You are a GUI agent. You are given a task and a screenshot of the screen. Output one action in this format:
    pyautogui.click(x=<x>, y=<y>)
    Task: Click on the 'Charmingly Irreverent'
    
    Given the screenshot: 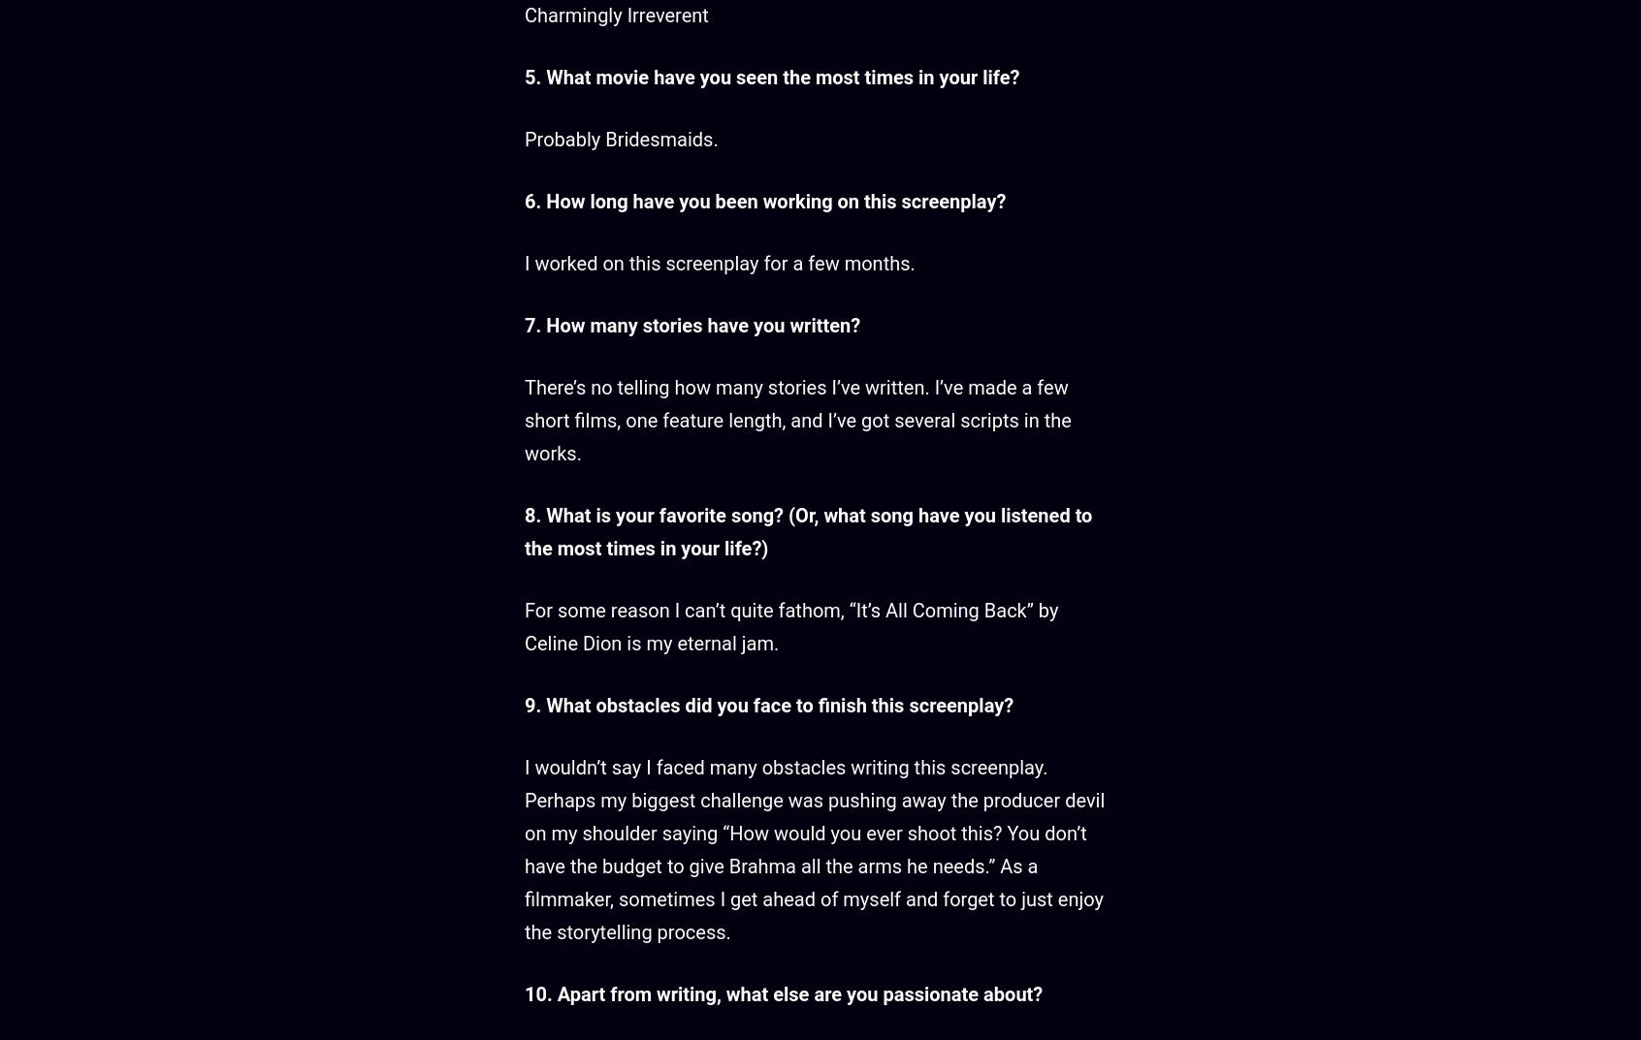 What is the action you would take?
    pyautogui.click(x=524, y=14)
    